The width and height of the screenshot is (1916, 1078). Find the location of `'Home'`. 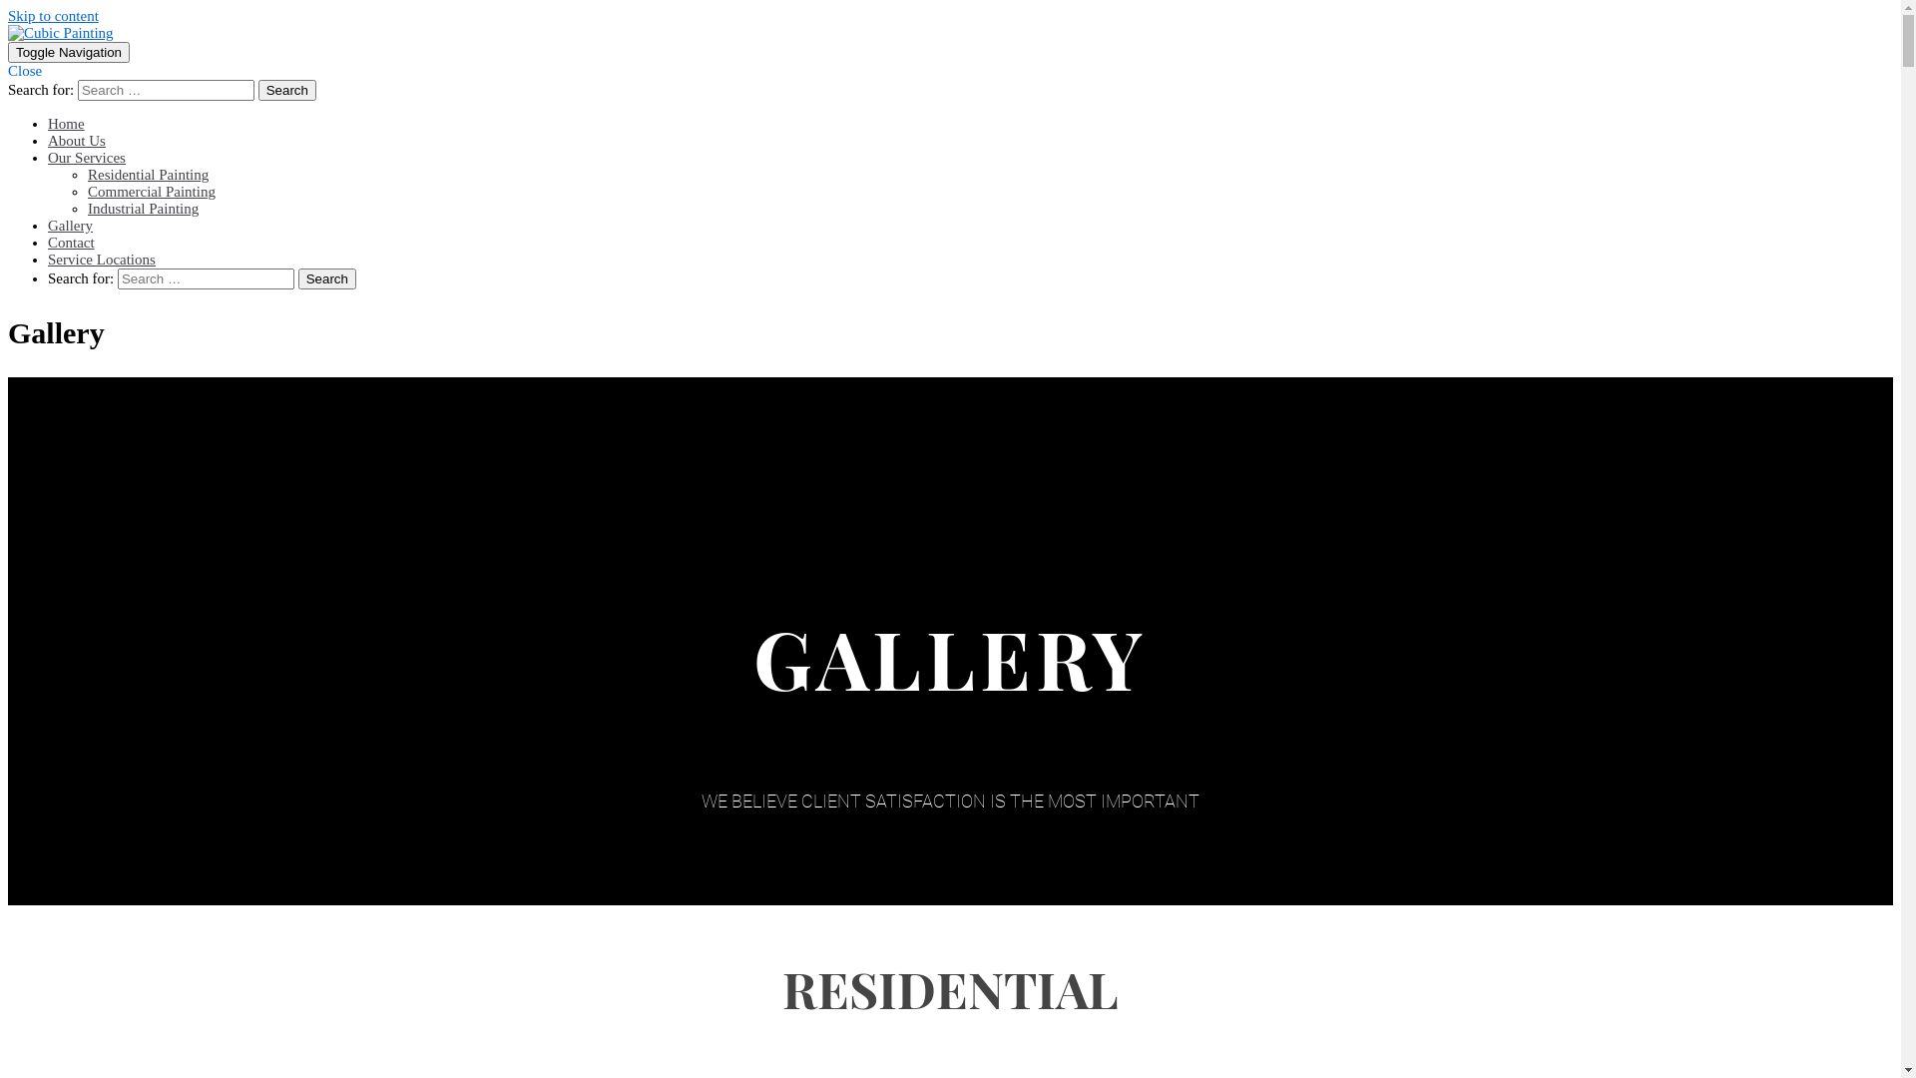

'Home' is located at coordinates (66, 123).